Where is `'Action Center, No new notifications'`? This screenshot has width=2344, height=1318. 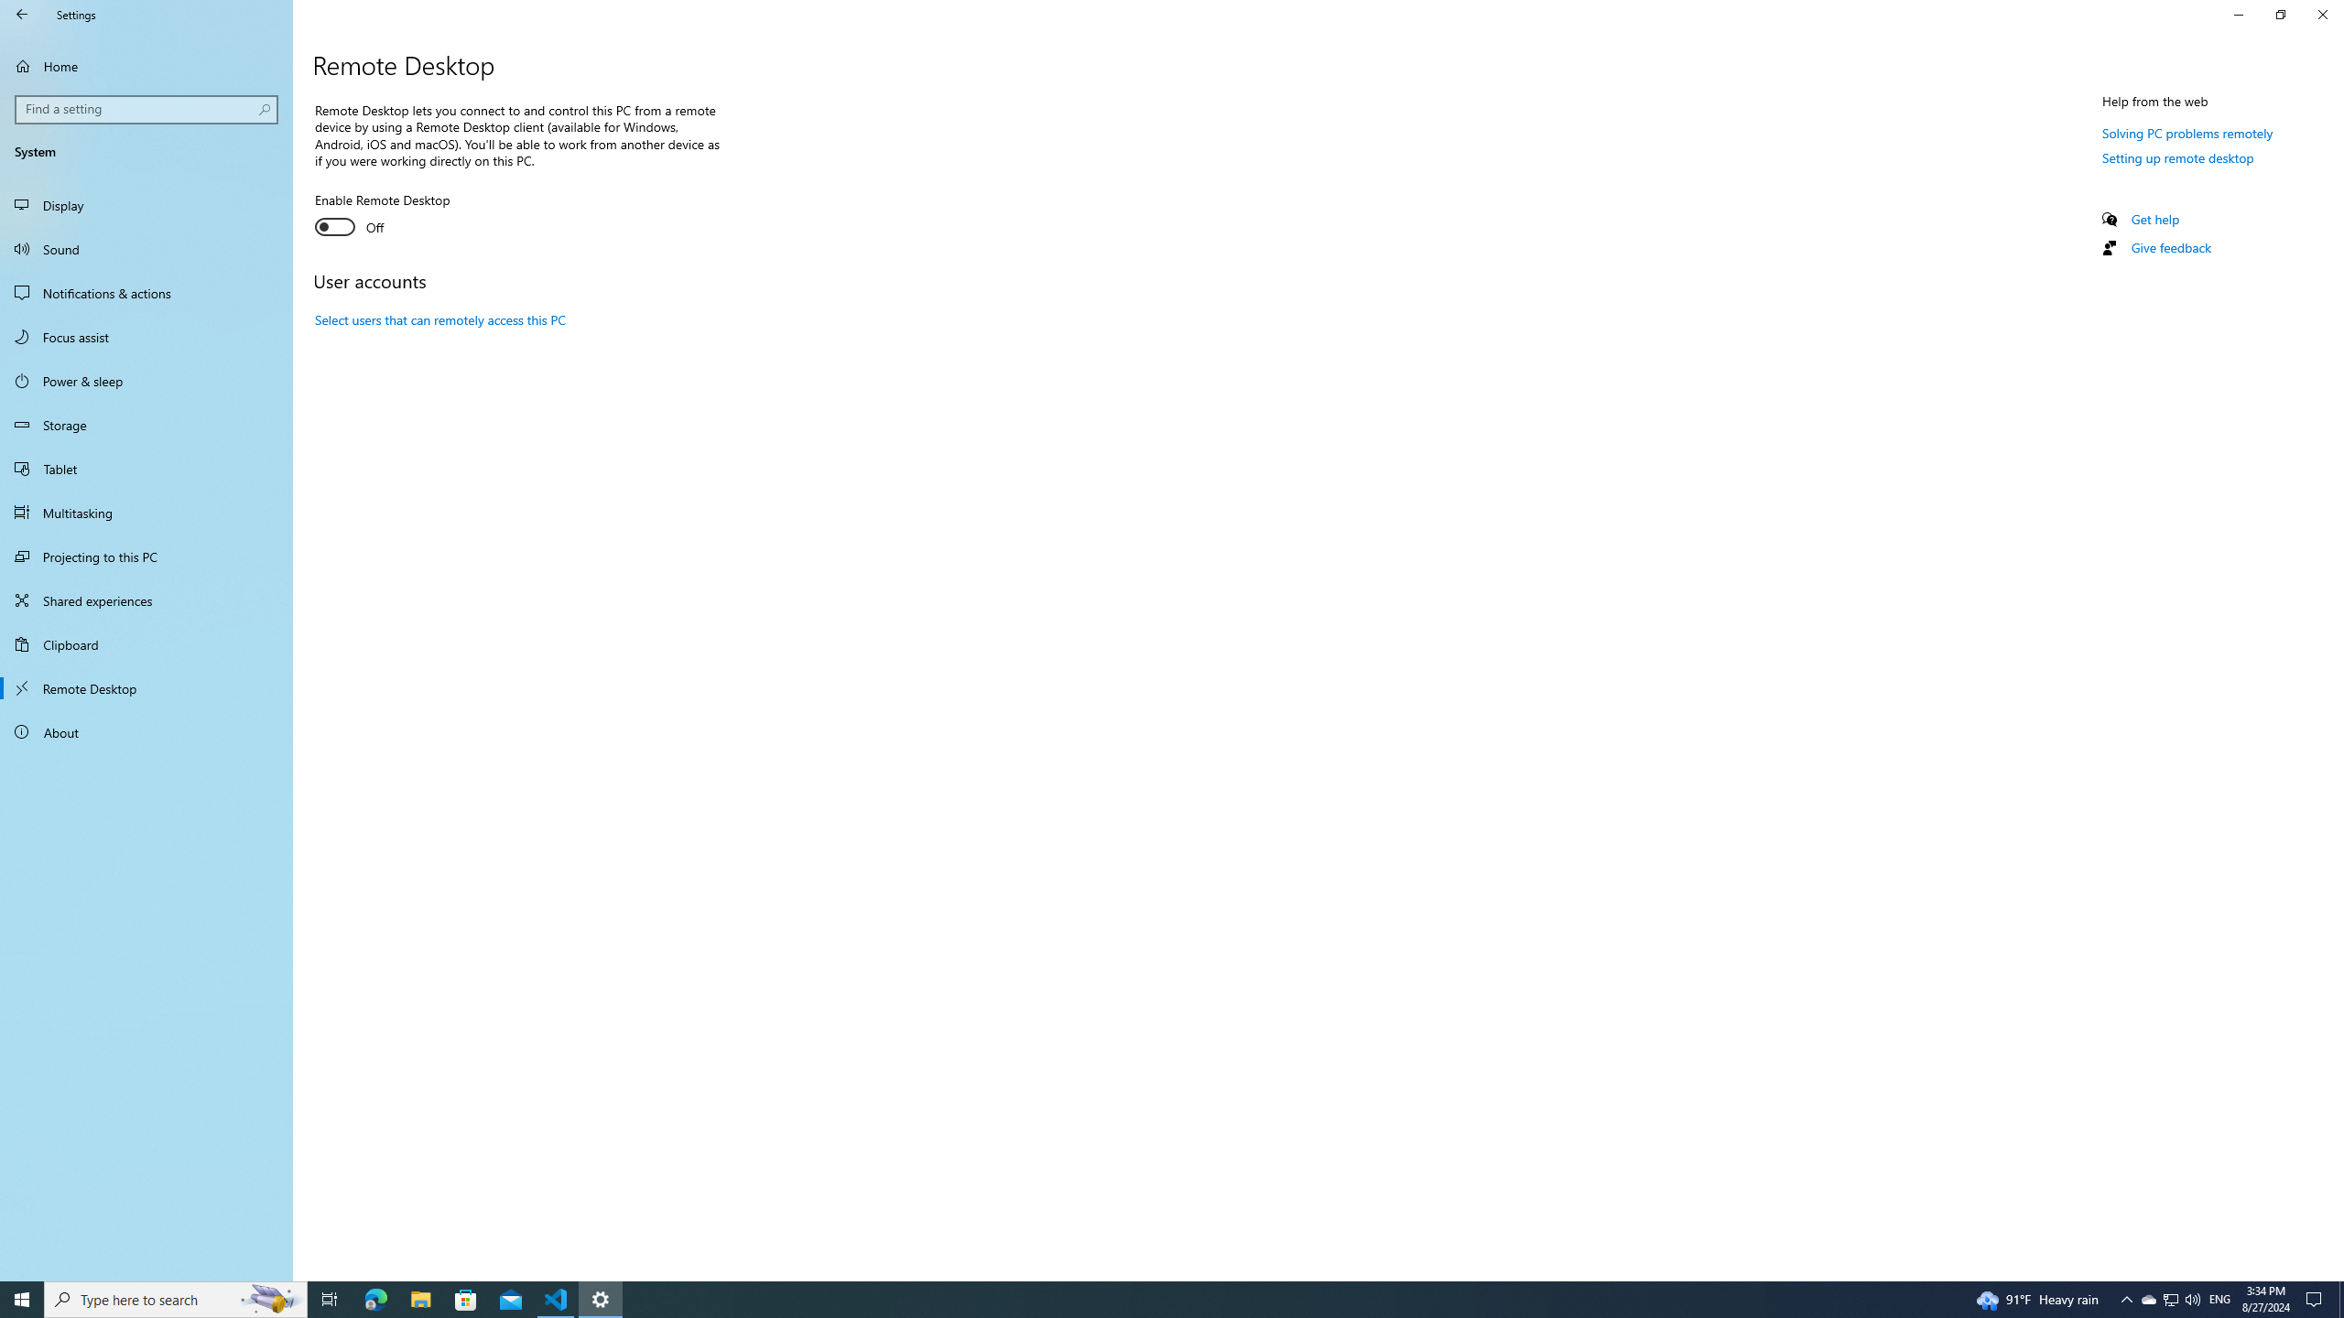
'Action Center, No new notifications' is located at coordinates (2317, 1298).